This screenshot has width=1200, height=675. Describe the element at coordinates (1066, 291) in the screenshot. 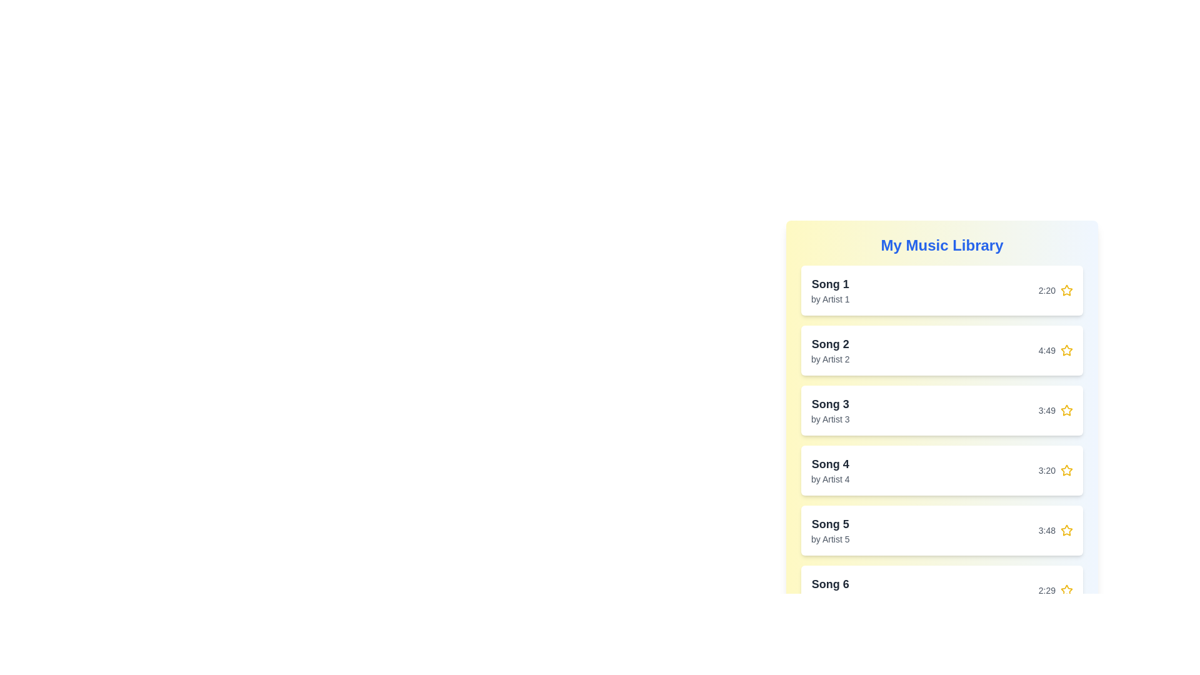

I see `the yellow outlined star icon next to the '2:20' timestamp in the 'Song 1' row to favorite the song` at that location.